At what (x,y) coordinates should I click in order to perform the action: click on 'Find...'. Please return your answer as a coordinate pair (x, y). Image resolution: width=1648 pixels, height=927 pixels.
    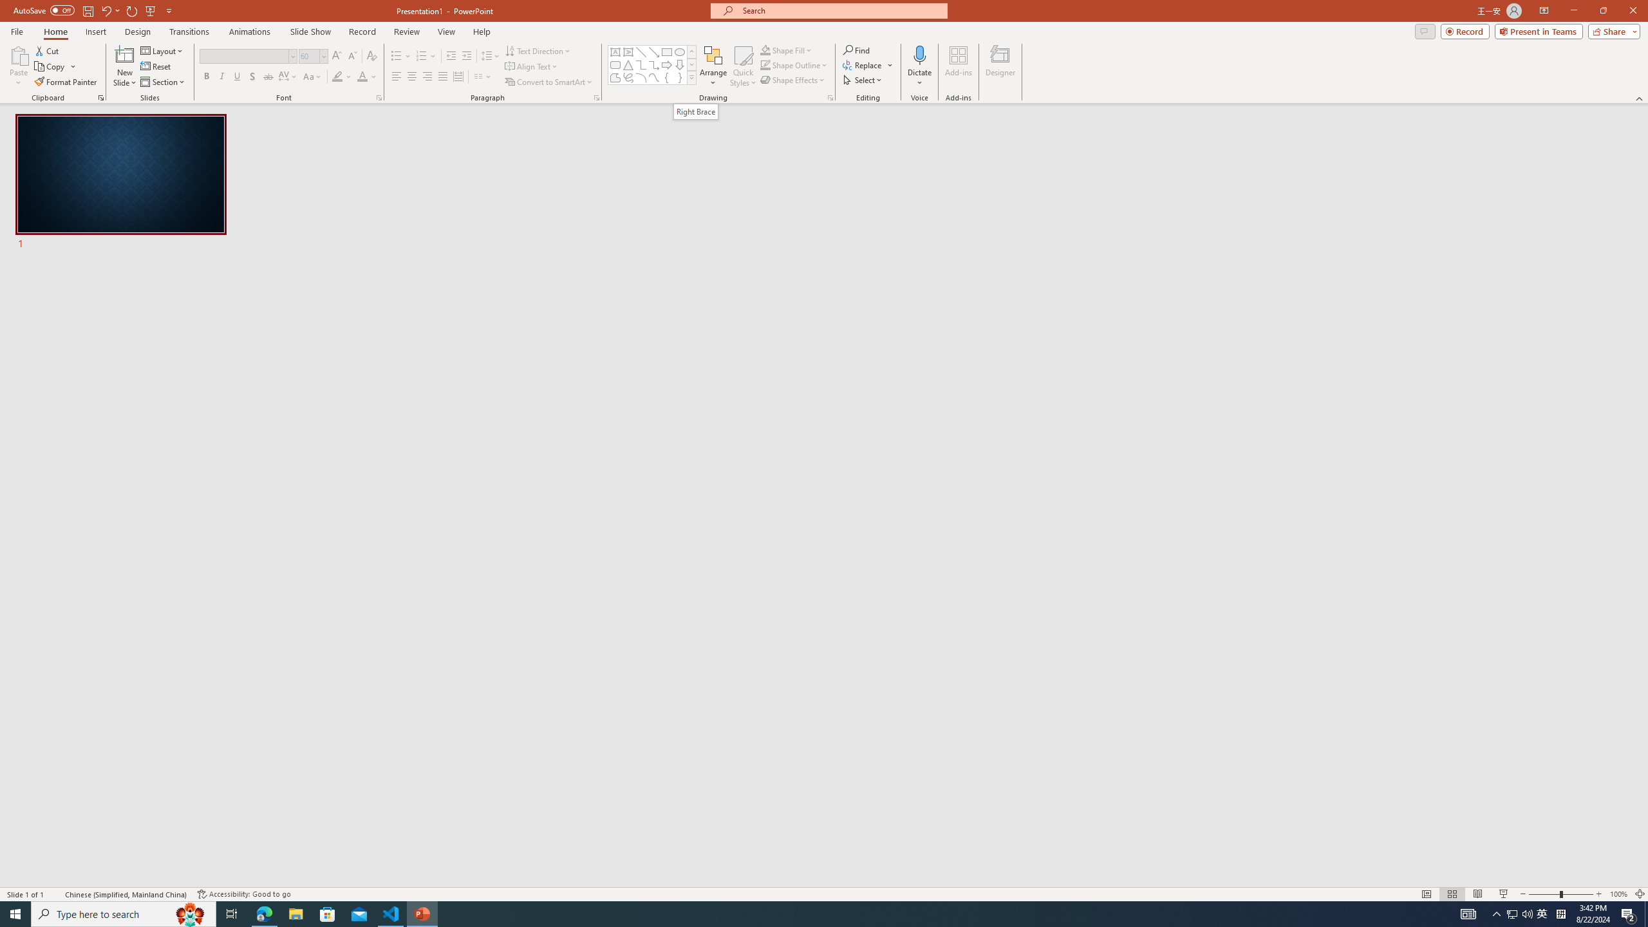
    Looking at the image, I should click on (856, 50).